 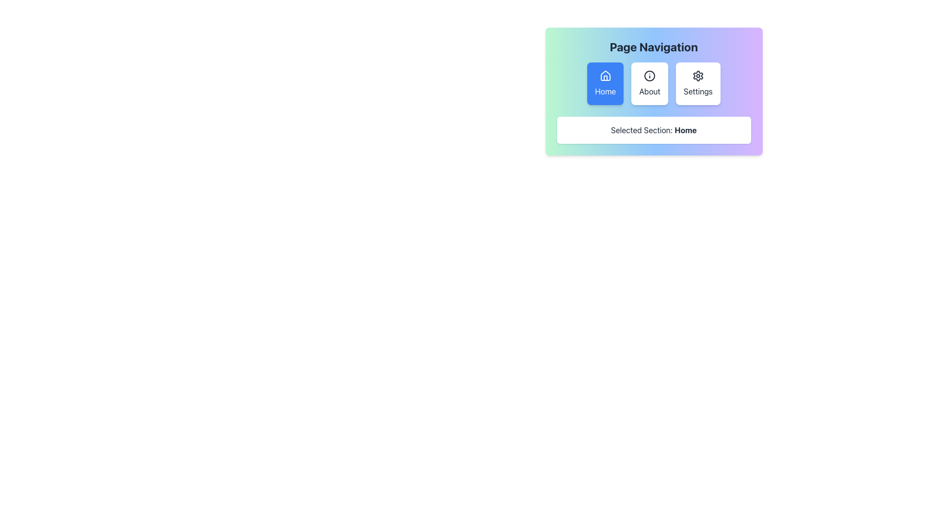 I want to click on text label that identifies the 'Settings' button, which is located at the bottom of the button with a gear icon above it, so click(x=697, y=92).